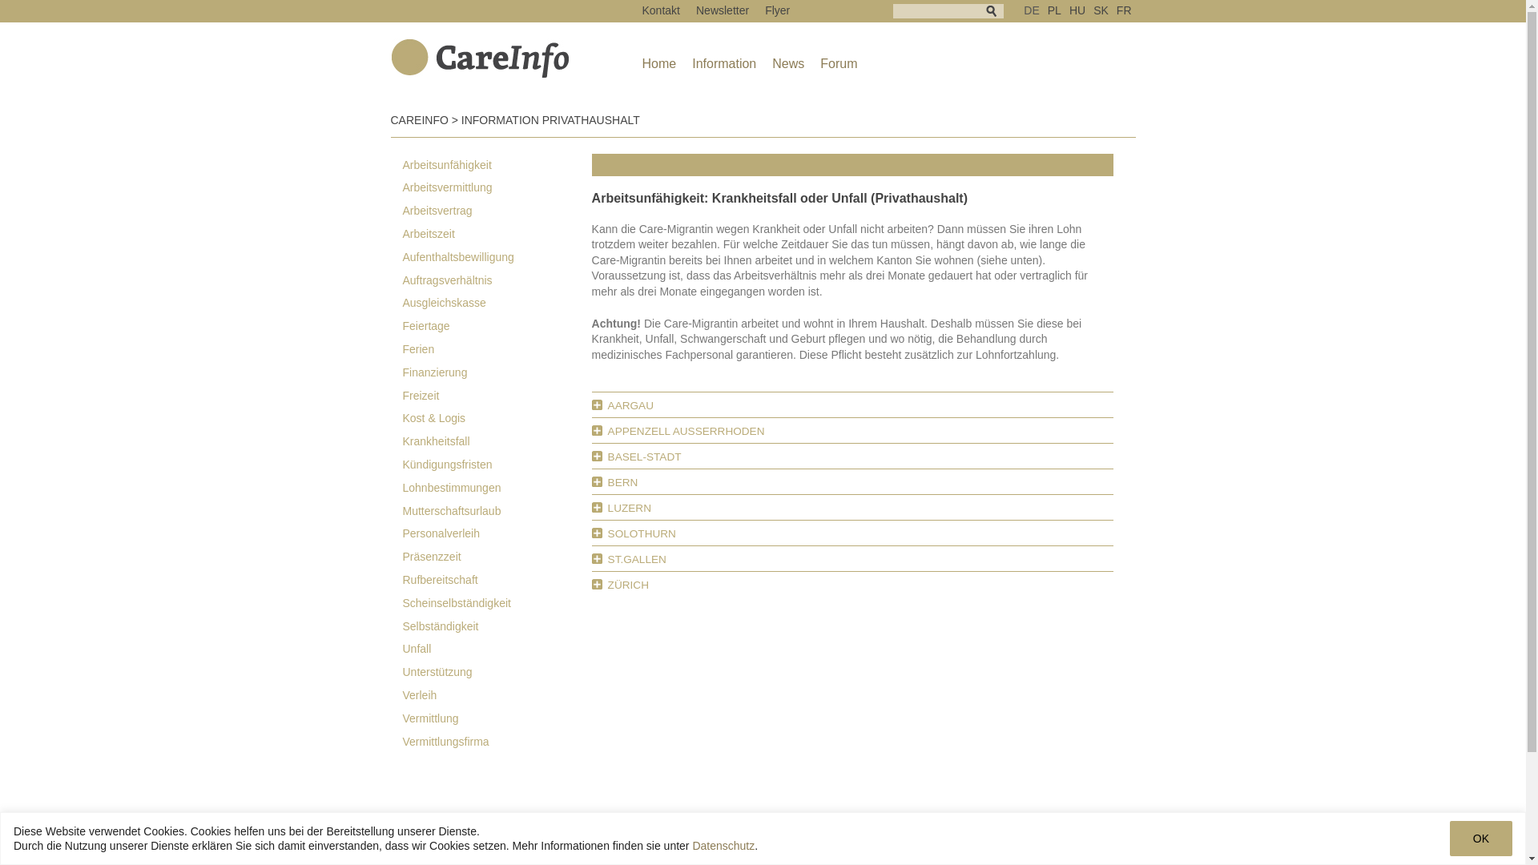 This screenshot has width=1538, height=865. What do you see at coordinates (391, 325) in the screenshot?
I see `'Feiertage'` at bounding box center [391, 325].